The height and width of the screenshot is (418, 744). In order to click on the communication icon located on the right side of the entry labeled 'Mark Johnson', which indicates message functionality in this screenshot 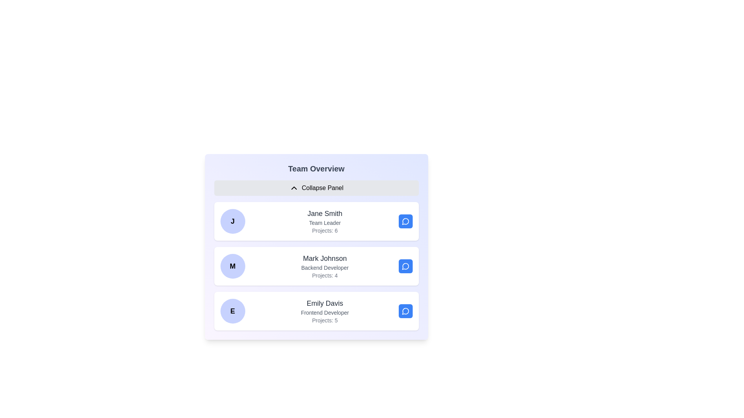, I will do `click(405, 266)`.